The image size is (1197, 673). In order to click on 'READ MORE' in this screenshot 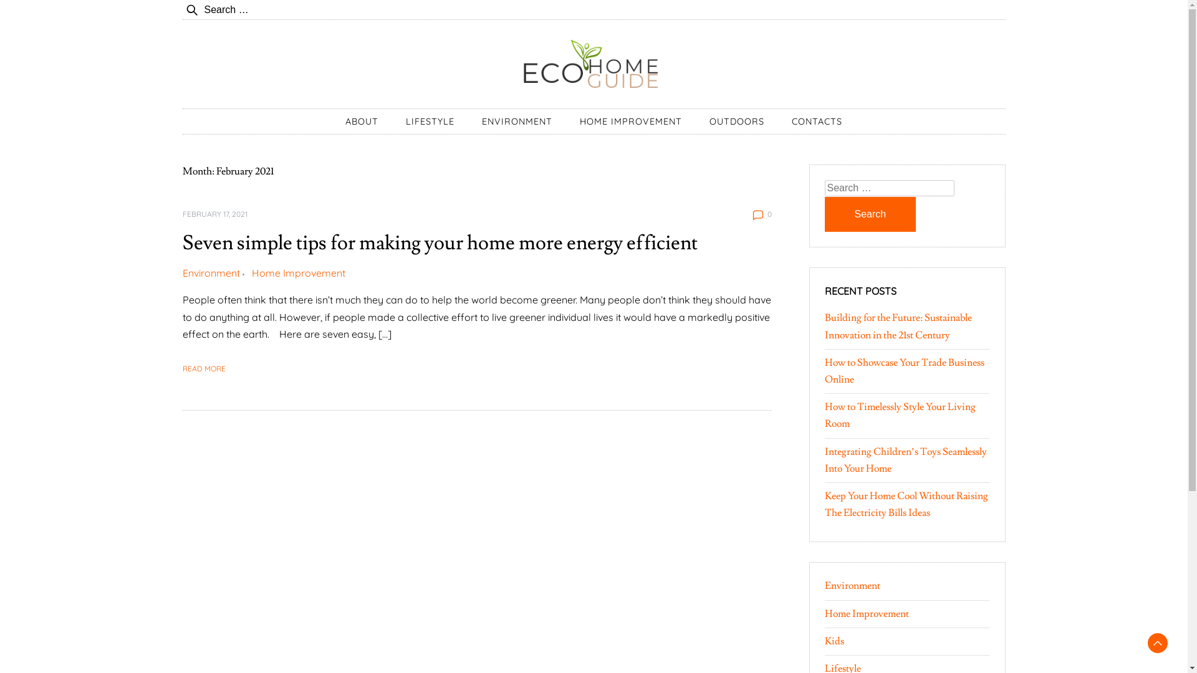, I will do `click(203, 368)`.